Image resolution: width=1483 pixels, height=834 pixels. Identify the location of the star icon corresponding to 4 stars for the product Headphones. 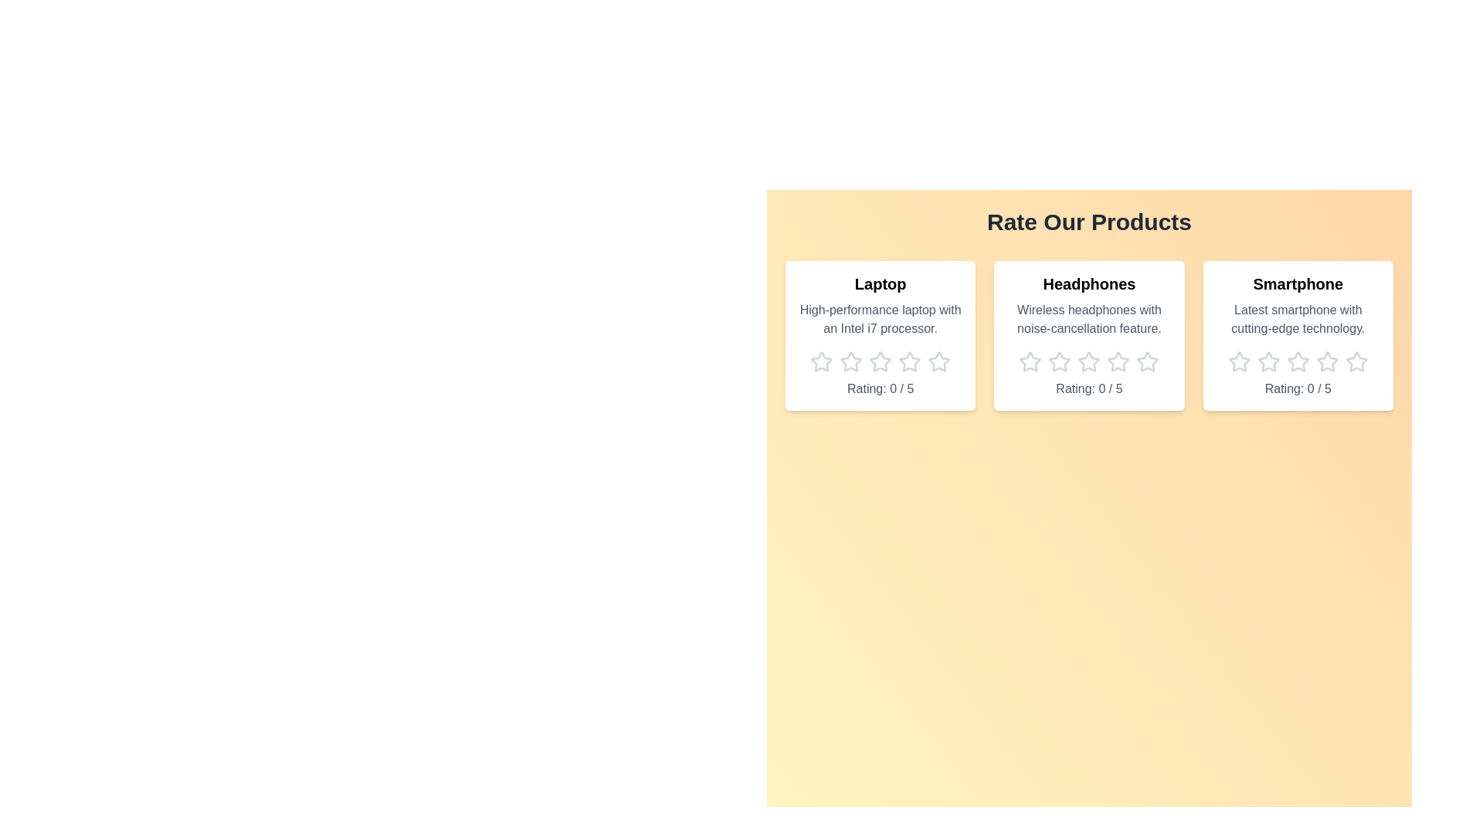
(1118, 362).